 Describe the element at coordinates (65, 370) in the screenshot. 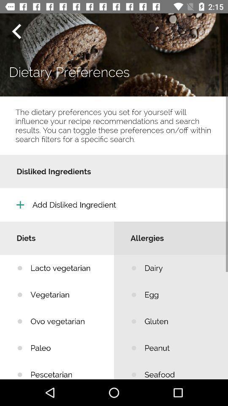

I see `pescetarian` at that location.